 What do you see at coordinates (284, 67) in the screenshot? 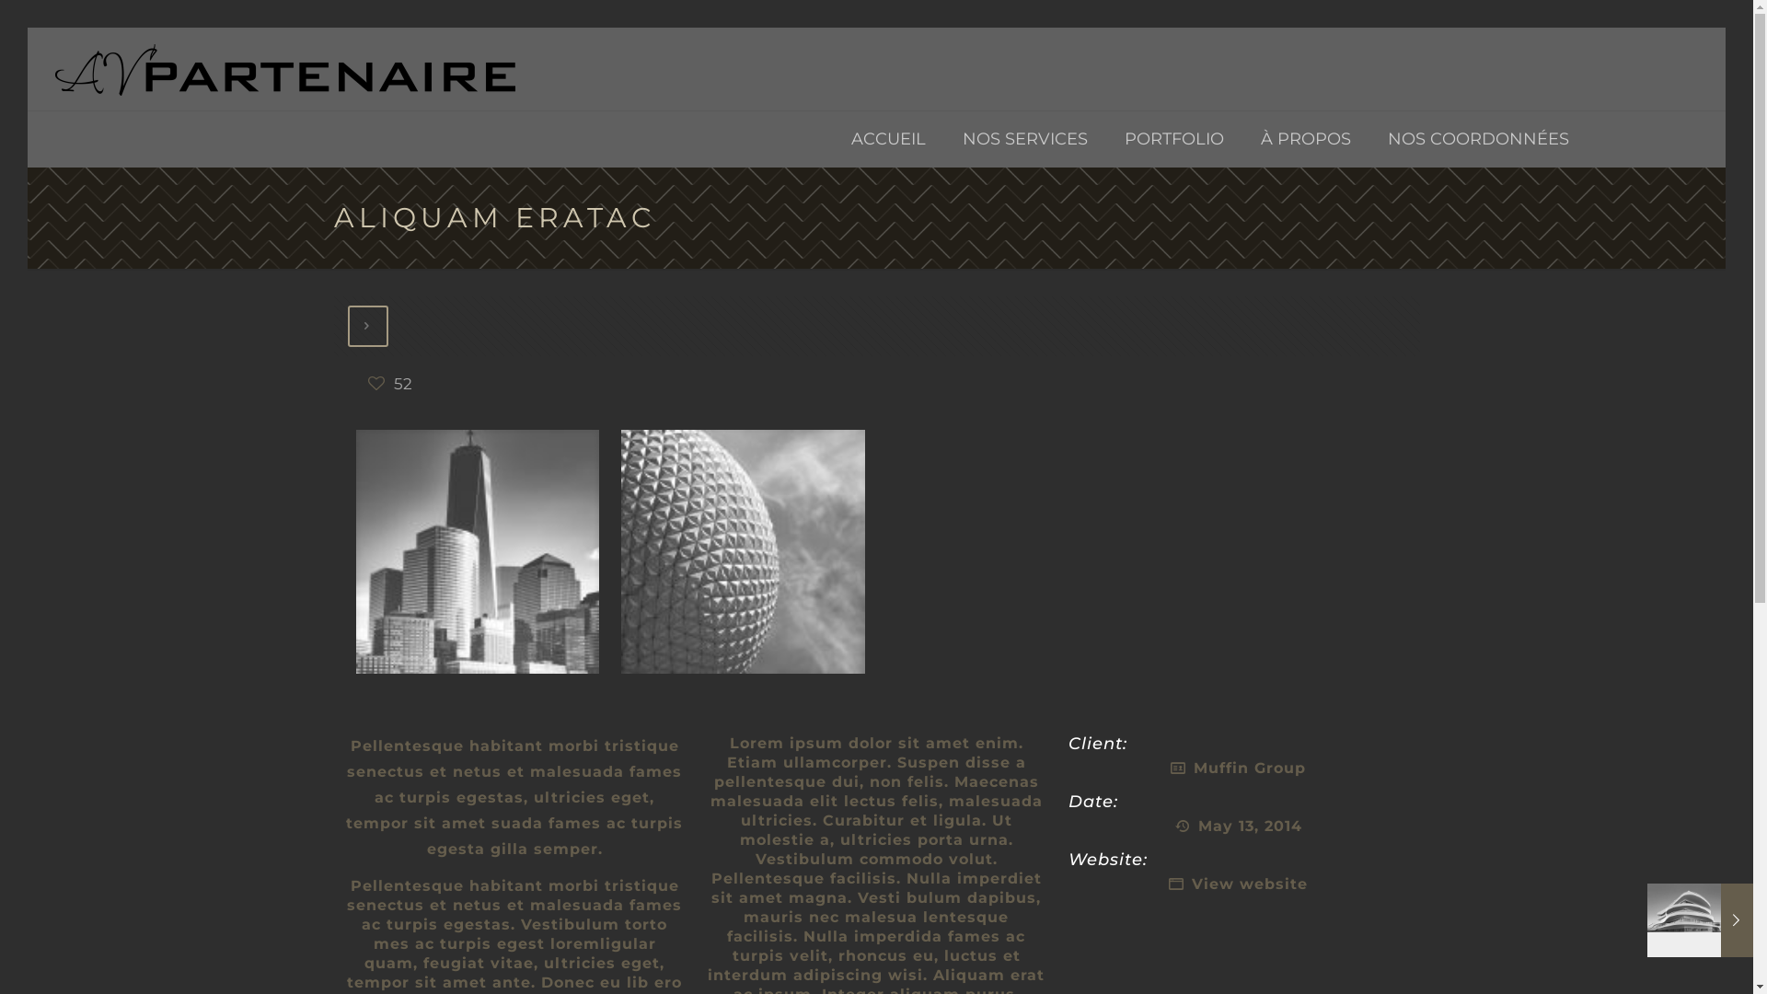
I see `'AV Partenaire'` at bounding box center [284, 67].